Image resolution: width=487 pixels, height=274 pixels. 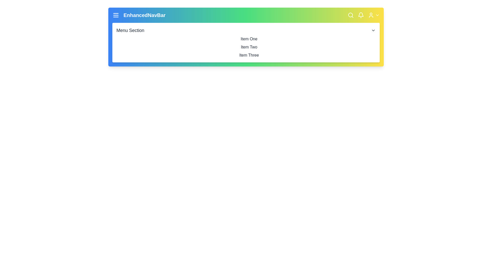 What do you see at coordinates (144, 15) in the screenshot?
I see `the 'EnhancedNavBar' heading text` at bounding box center [144, 15].